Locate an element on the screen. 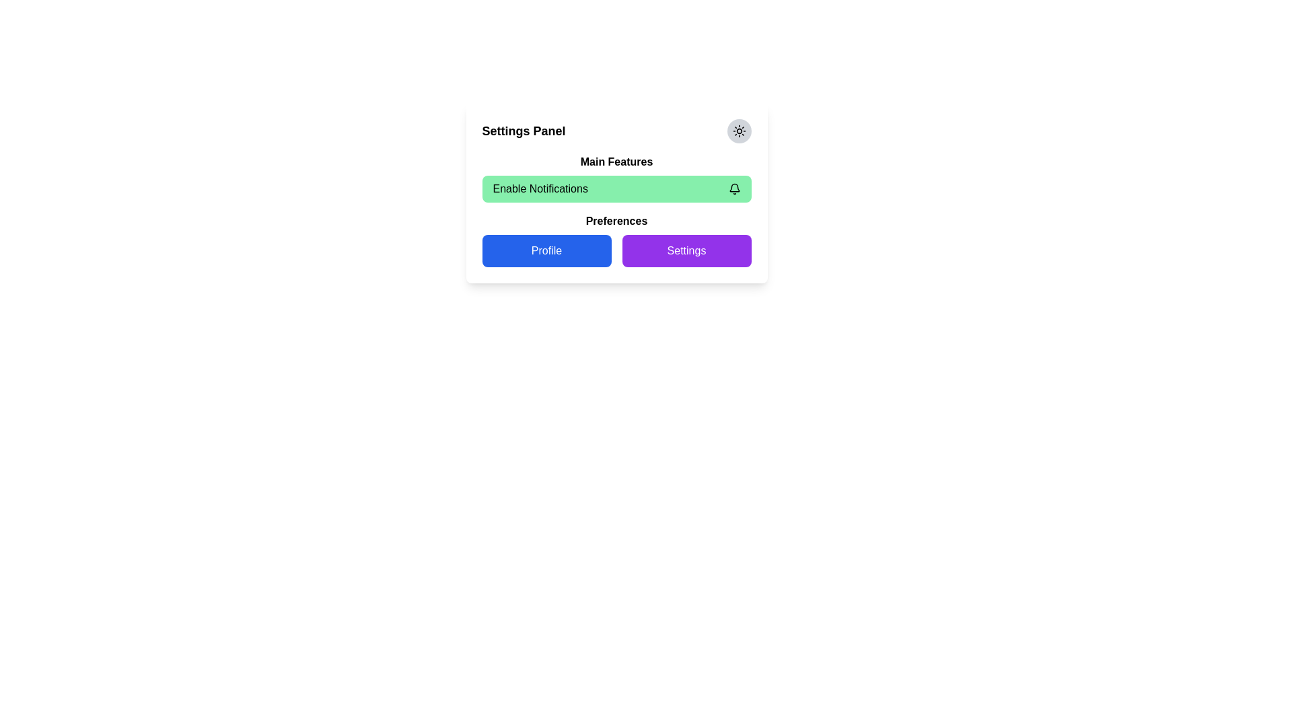  the 'Settings' button, which is a rectangular button with a purple background and rounded corners, located in the bottom-right part of the group of buttons under the 'Preferences' section is located at coordinates (686, 251).